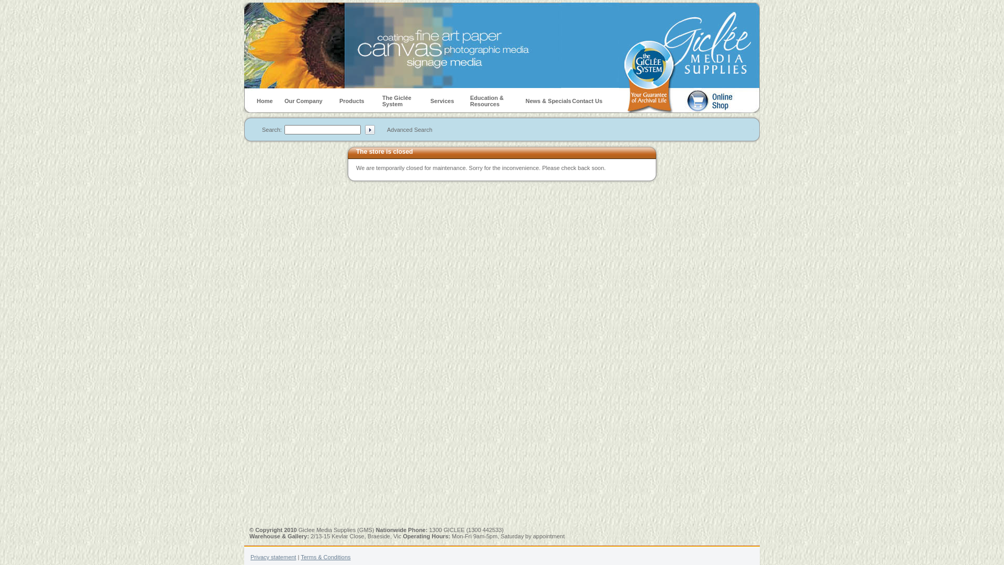  What do you see at coordinates (469, 100) in the screenshot?
I see `'Education & Resources'` at bounding box center [469, 100].